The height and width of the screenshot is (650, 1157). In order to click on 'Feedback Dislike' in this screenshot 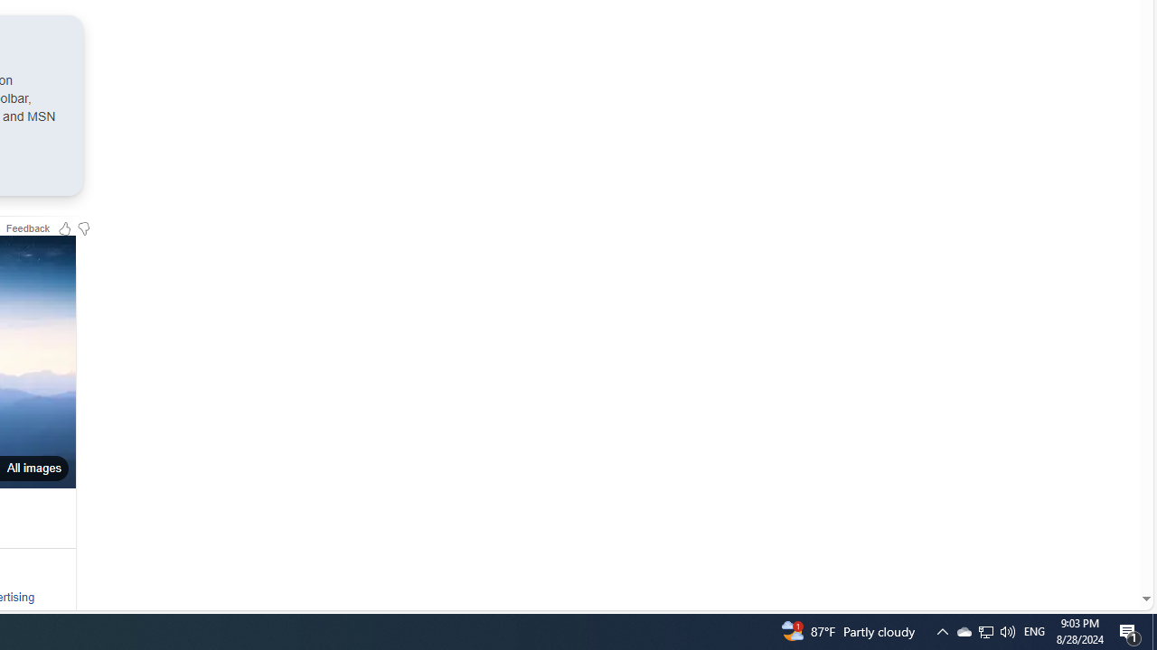, I will do `click(82, 227)`.